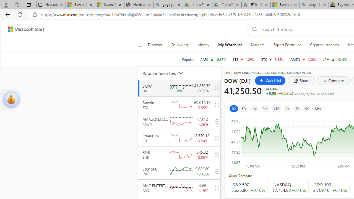 Image resolution: width=354 pixels, height=199 pixels. What do you see at coordinates (257, 45) in the screenshot?
I see `'Markets'` at bounding box center [257, 45].